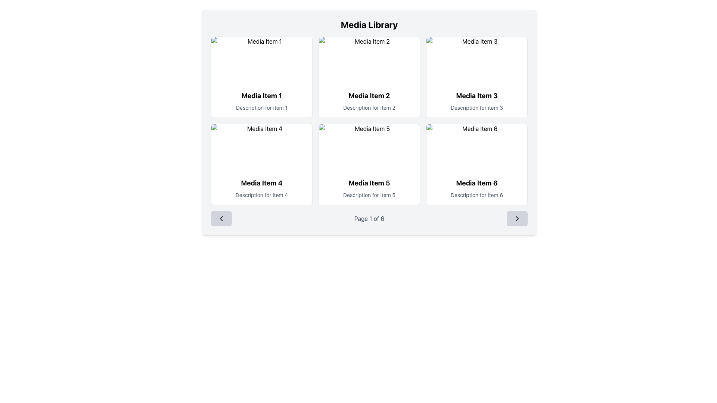 Image resolution: width=717 pixels, height=403 pixels. What do you see at coordinates (476, 108) in the screenshot?
I see `text element displaying 'Description for item 3', which is styled in gray and located below the title 'Media Item 3' in the 'Media Library' section` at bounding box center [476, 108].